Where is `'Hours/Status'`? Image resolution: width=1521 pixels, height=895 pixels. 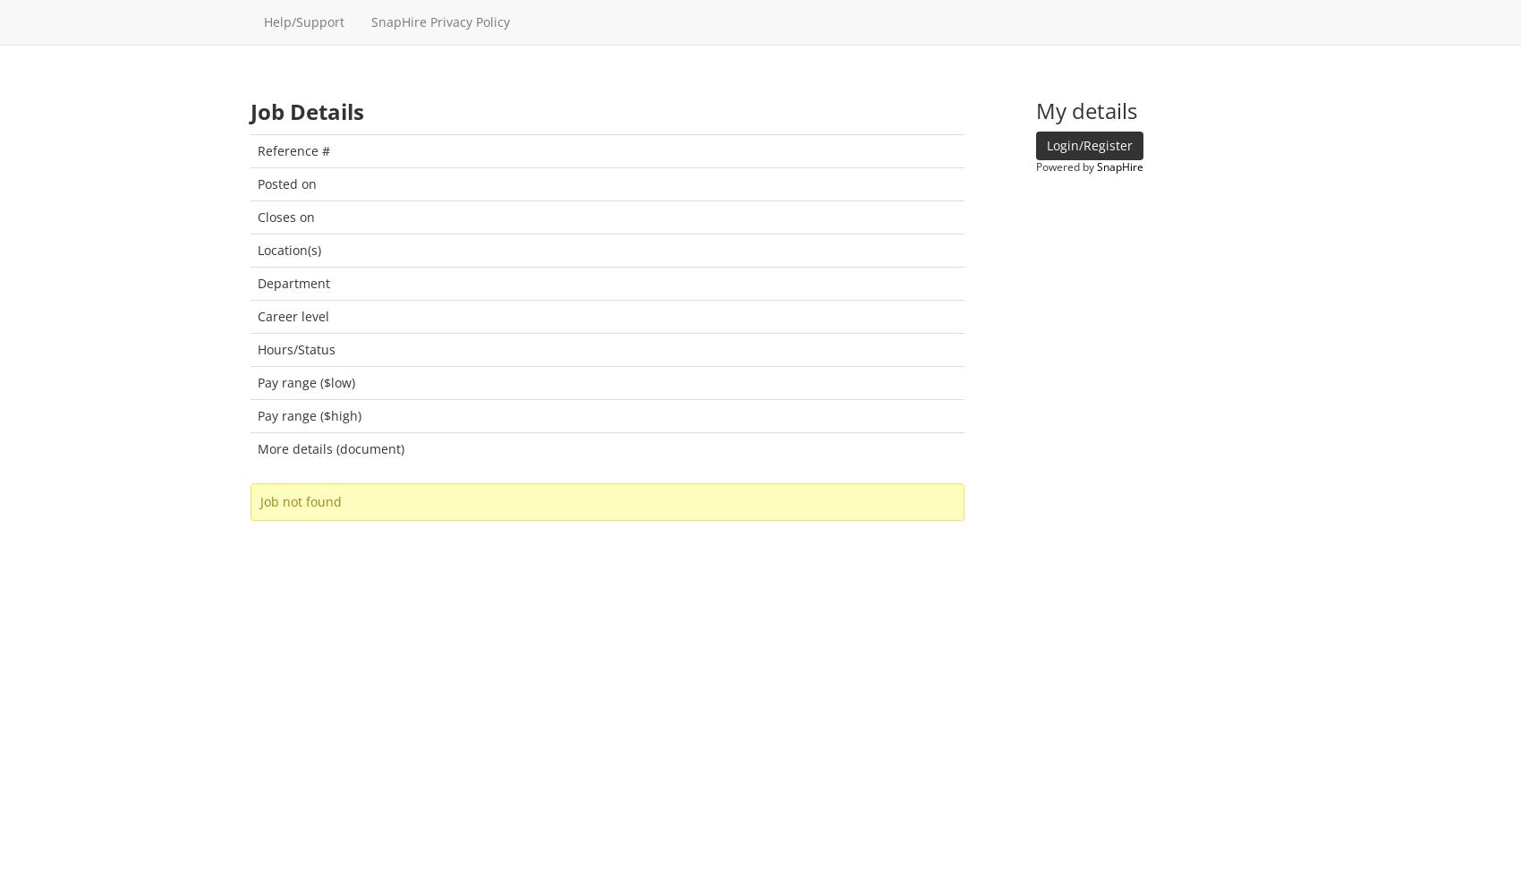 'Hours/Status' is located at coordinates (295, 348).